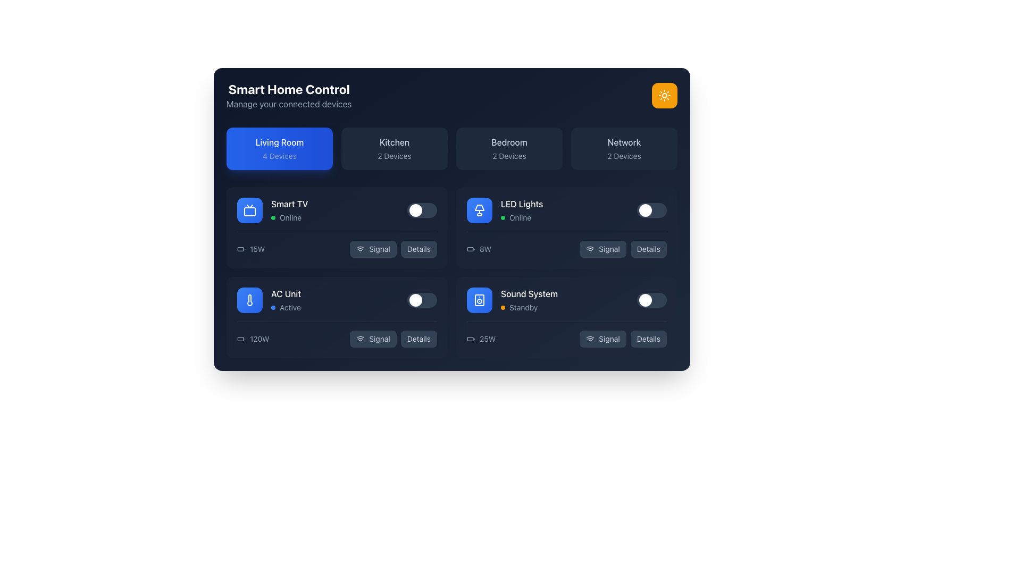 This screenshot has width=1021, height=574. What do you see at coordinates (529, 307) in the screenshot?
I see `status text from the 'Standby' label, which is a small textual label with a light gray font located in the 'Sound System' section of the 'Living Room' group` at bounding box center [529, 307].